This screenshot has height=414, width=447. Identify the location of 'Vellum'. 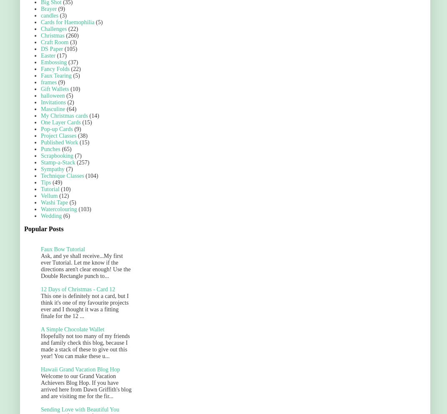
(40, 196).